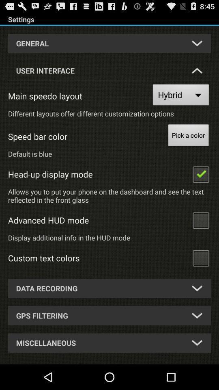 Image resolution: width=219 pixels, height=390 pixels. I want to click on turn on advanced hud mode, so click(200, 220).